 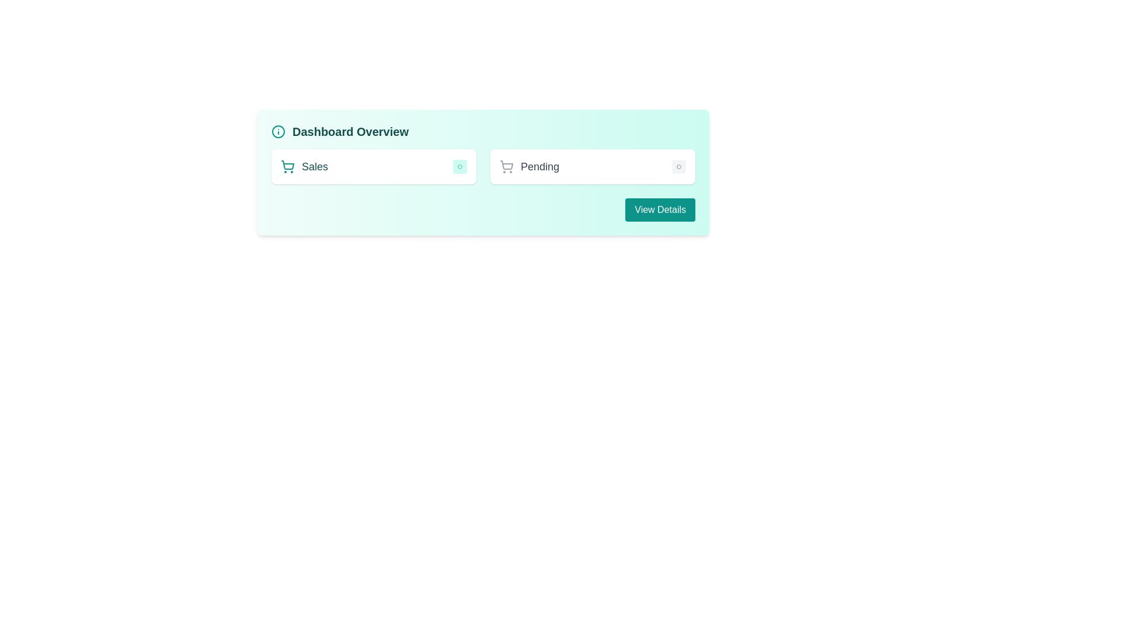 What do you see at coordinates (277, 131) in the screenshot?
I see `decorative Circle element within the informational icon located to the left of the 'Dashboard Overview' header text by clicking on it` at bounding box center [277, 131].